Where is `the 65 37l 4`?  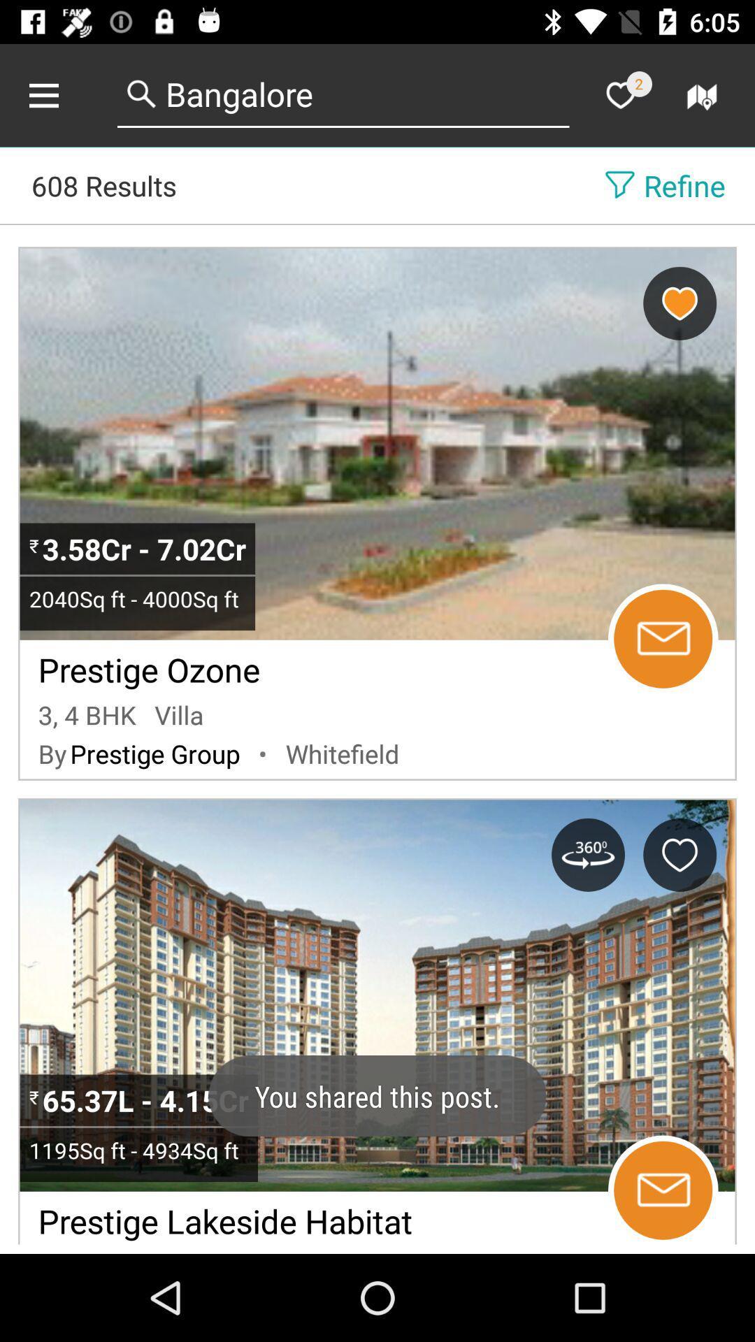 the 65 37l 4 is located at coordinates (148, 1099).